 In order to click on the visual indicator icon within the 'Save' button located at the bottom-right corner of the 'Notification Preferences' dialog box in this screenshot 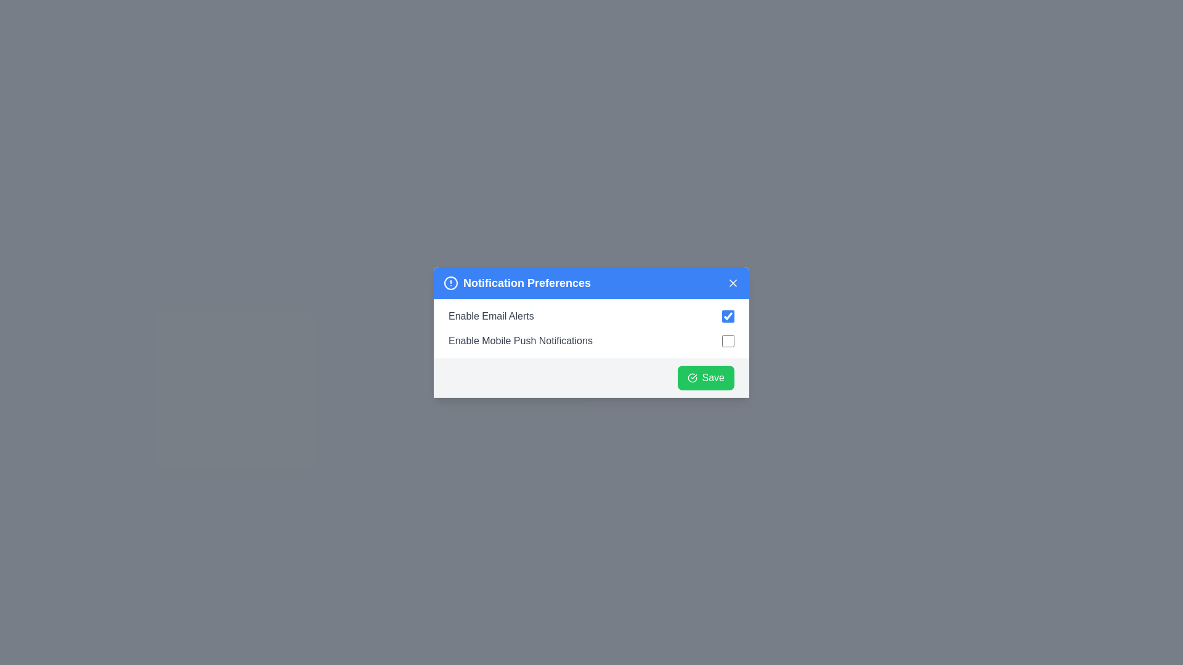, I will do `click(692, 377)`.